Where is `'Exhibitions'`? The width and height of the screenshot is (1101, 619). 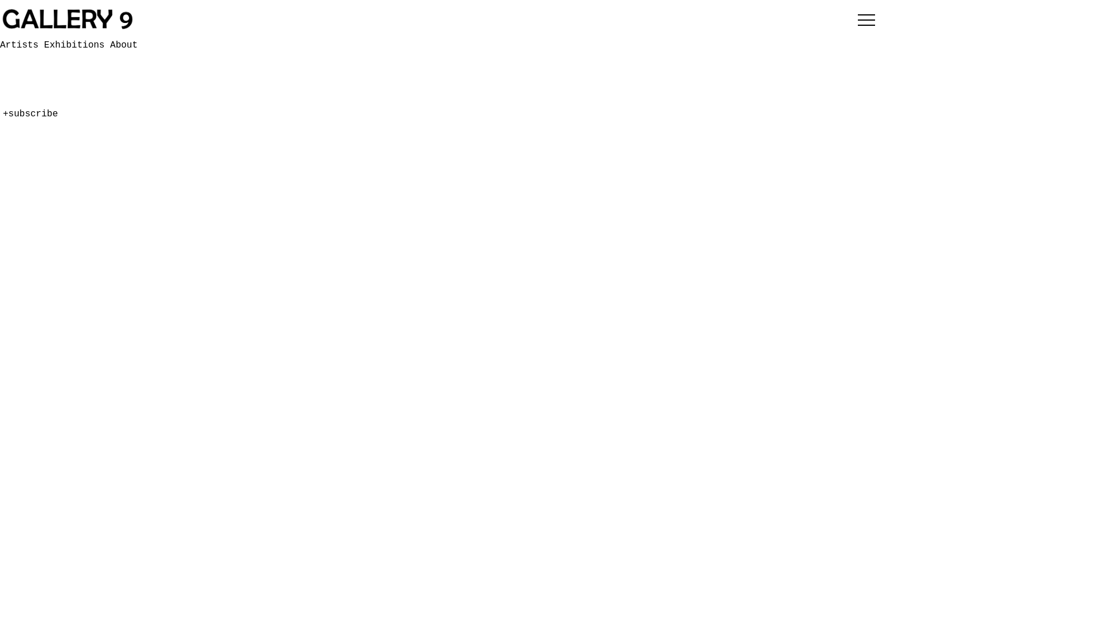 'Exhibitions' is located at coordinates (76, 44).